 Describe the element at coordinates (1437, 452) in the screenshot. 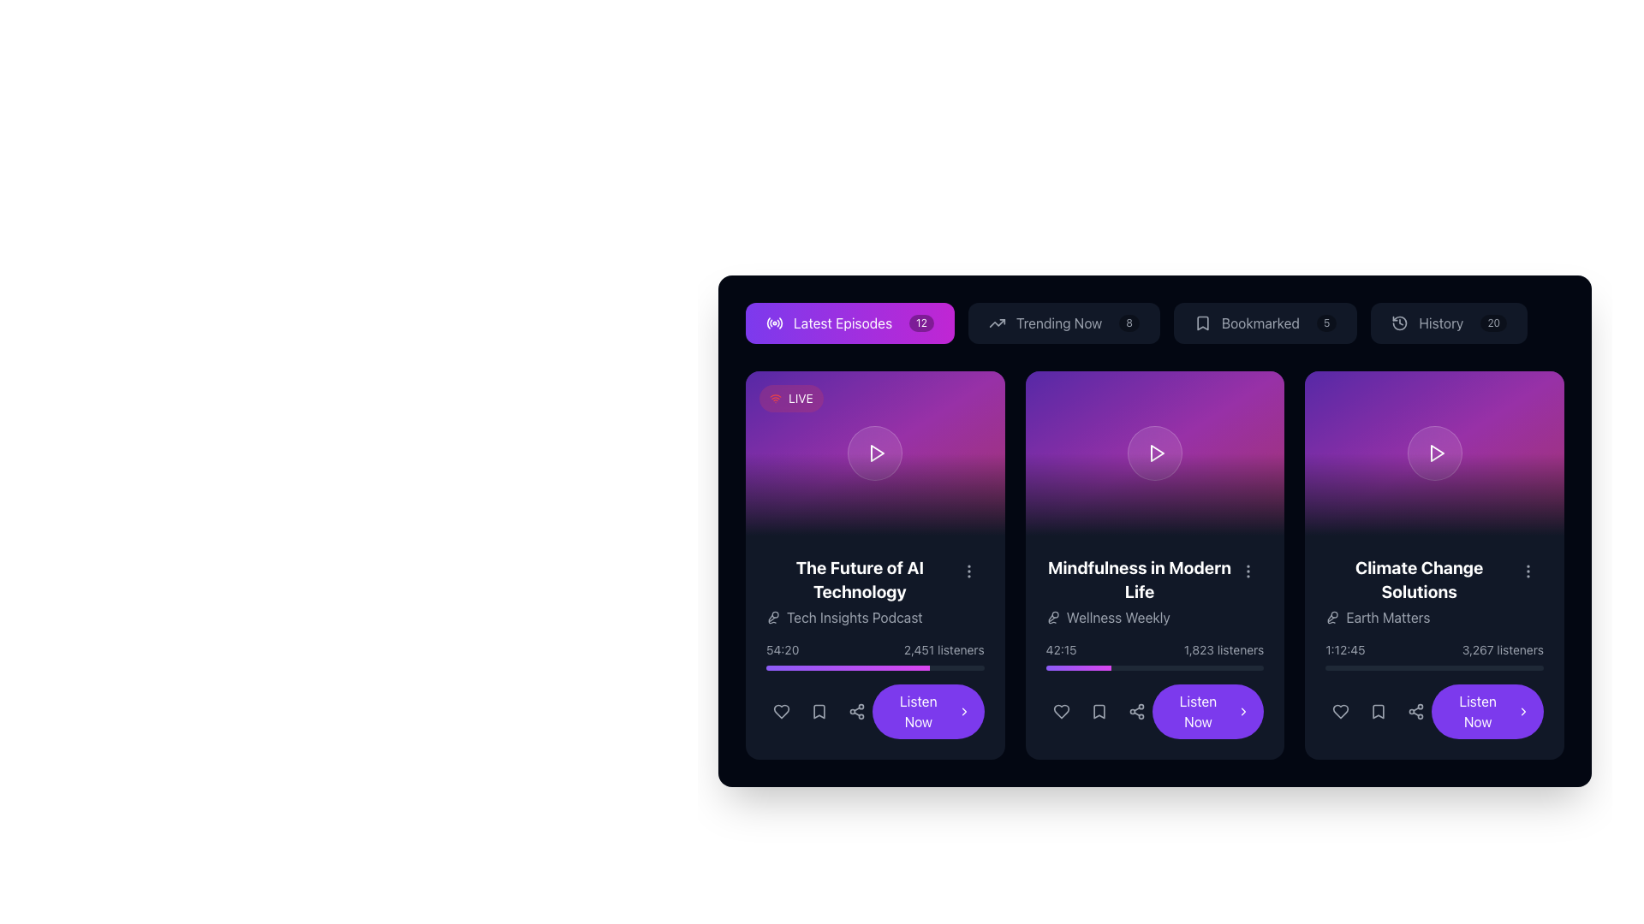

I see `the Play button icon for the 'Climate Change Solutions' content` at that location.